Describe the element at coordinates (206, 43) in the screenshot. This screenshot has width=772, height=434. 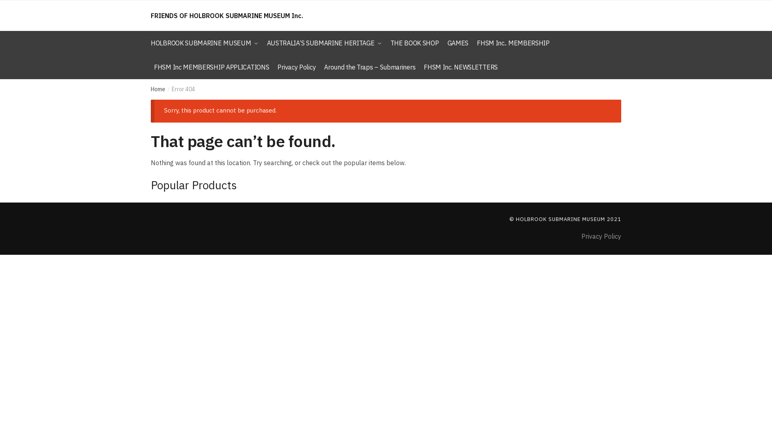
I see `'HOLBROOK SUBMARINE MUSEUM'` at that location.